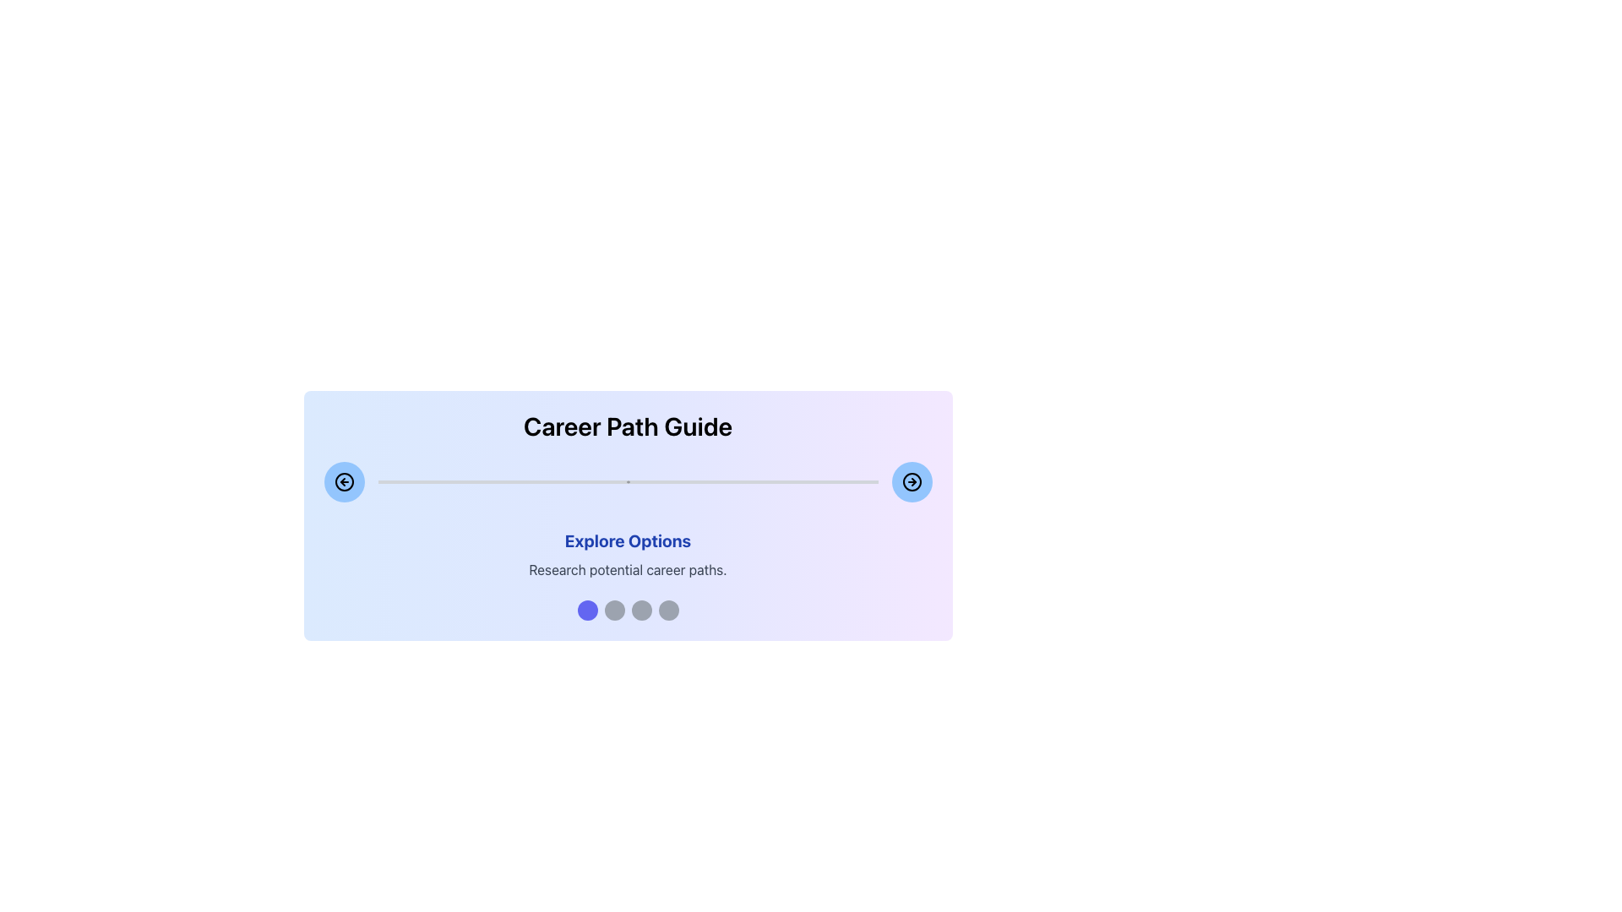 This screenshot has width=1622, height=912. Describe the element at coordinates (587, 610) in the screenshot. I see `the first indigo progress indicator or navigation dot located at the bottom of the interface under the 'Explore Options' section` at that location.